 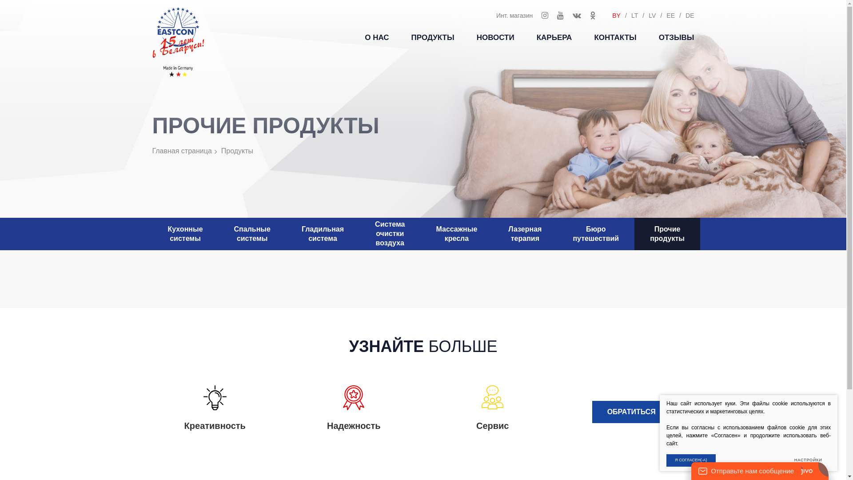 I want to click on 'EE', so click(x=661, y=16).